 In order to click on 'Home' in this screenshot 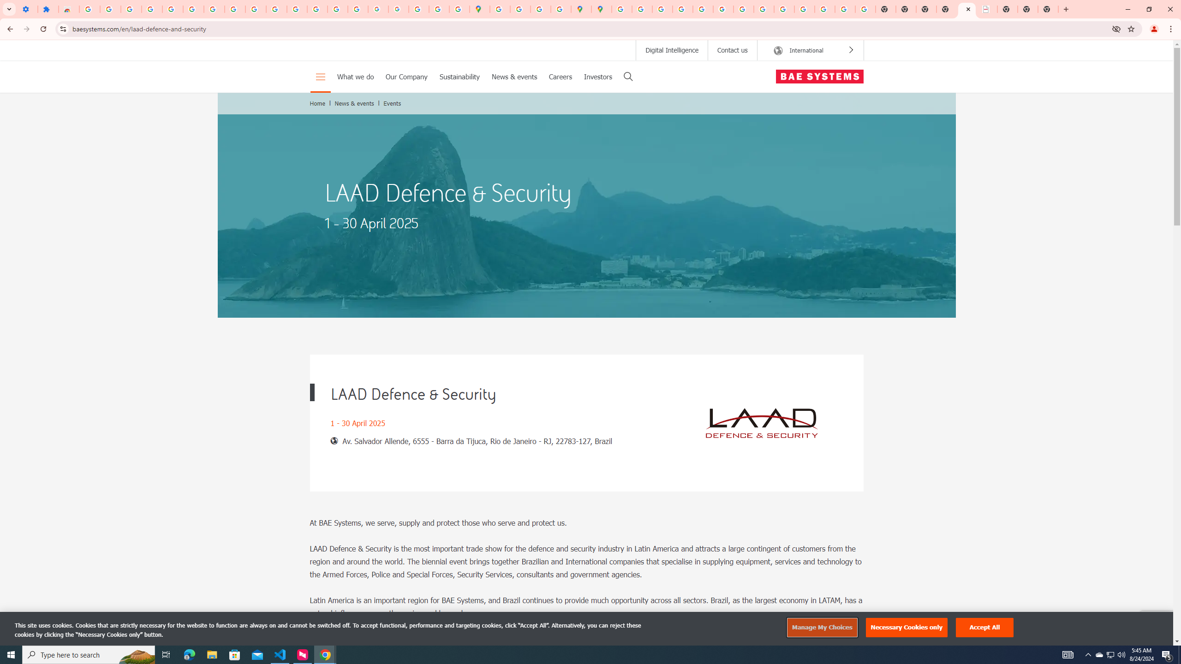, I will do `click(317, 102)`.